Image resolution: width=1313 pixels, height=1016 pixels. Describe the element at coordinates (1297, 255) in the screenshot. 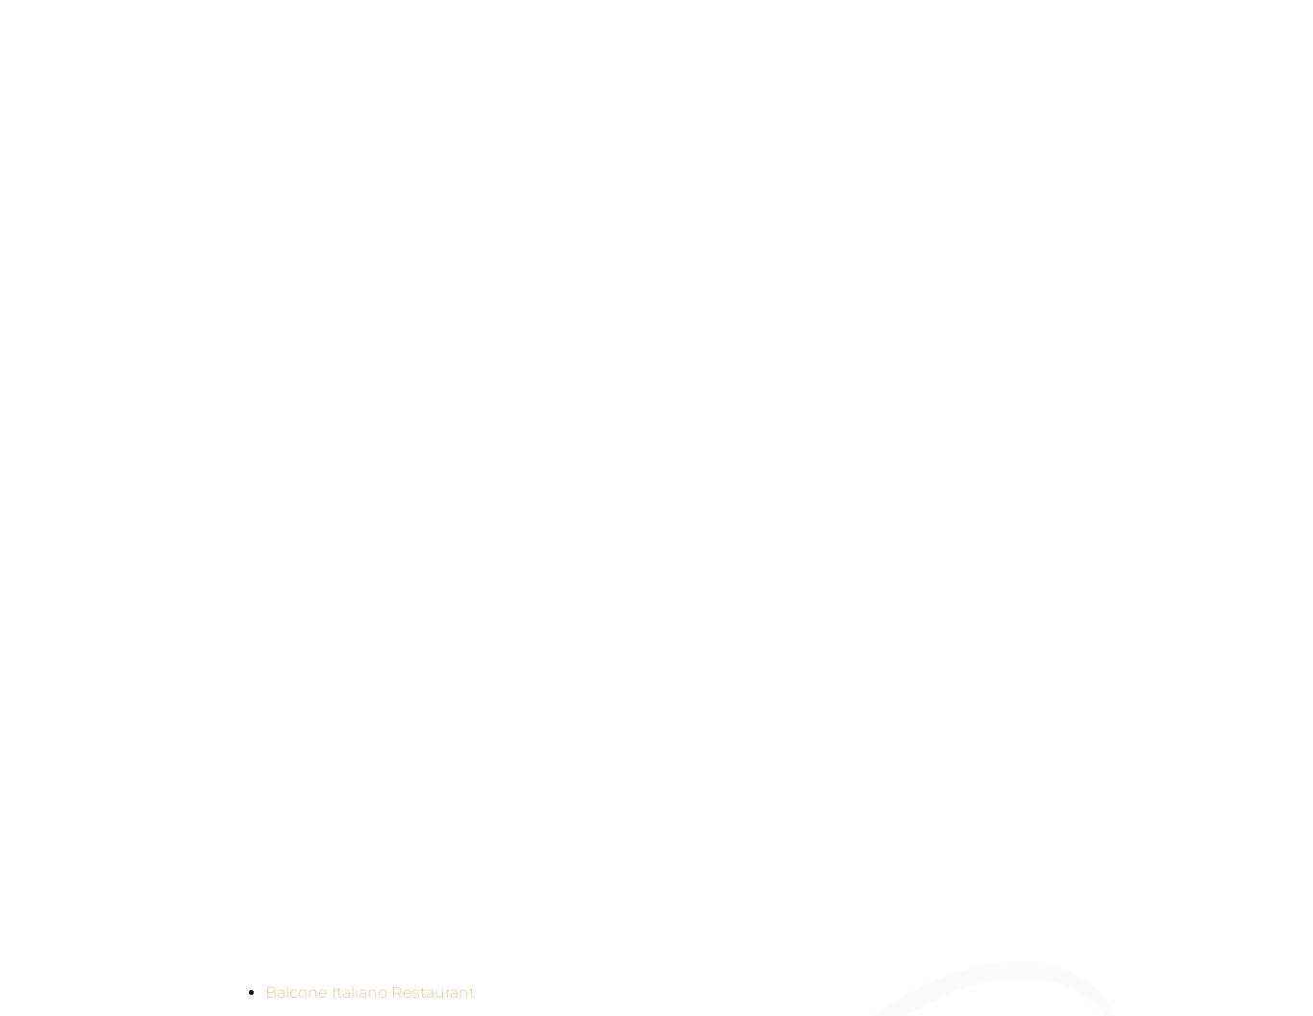

I see `'VOUCHERS'` at that location.